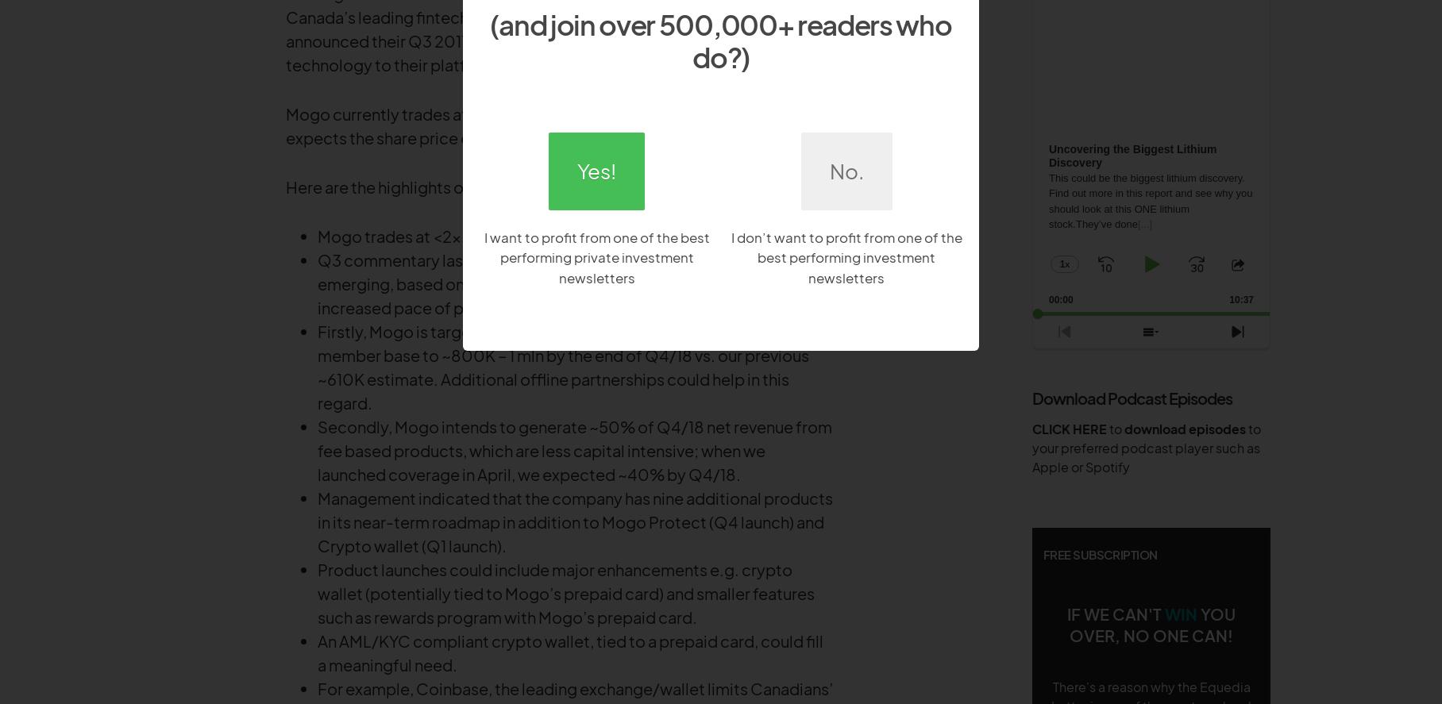  Describe the element at coordinates (1132, 397) in the screenshot. I see `'Download Podcast Episodes'` at that location.